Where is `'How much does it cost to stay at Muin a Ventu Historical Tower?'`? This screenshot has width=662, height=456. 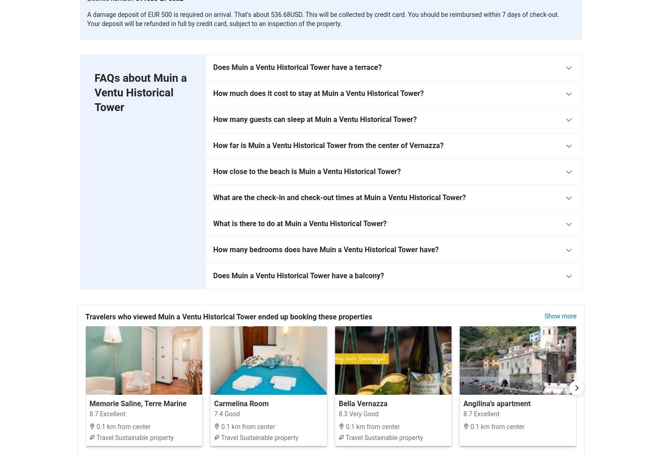
'How much does it cost to stay at Muin a Ventu Historical Tower?' is located at coordinates (318, 93).